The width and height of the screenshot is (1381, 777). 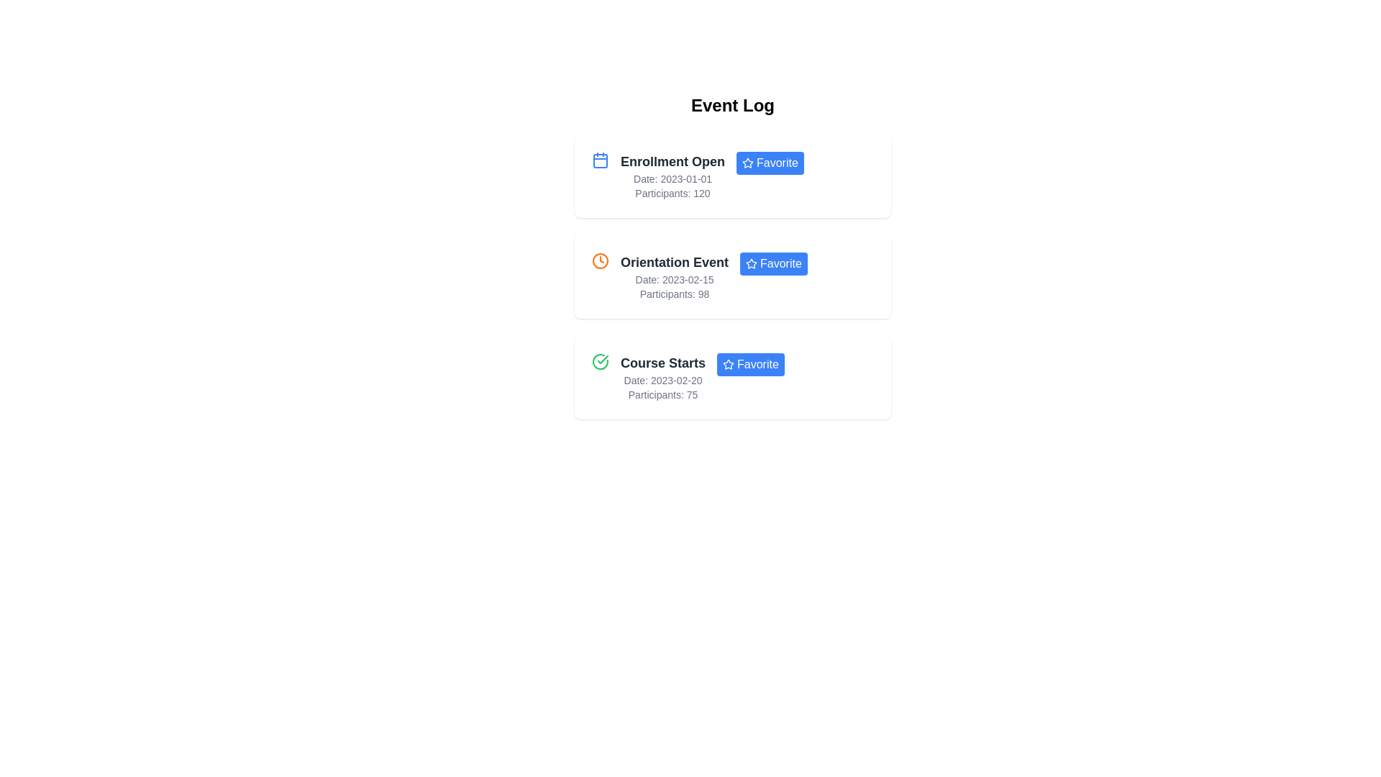 What do you see at coordinates (601, 360) in the screenshot?
I see `the 'completed' icon located to the left of the 'Course Starts' header in the third list item of the event log` at bounding box center [601, 360].